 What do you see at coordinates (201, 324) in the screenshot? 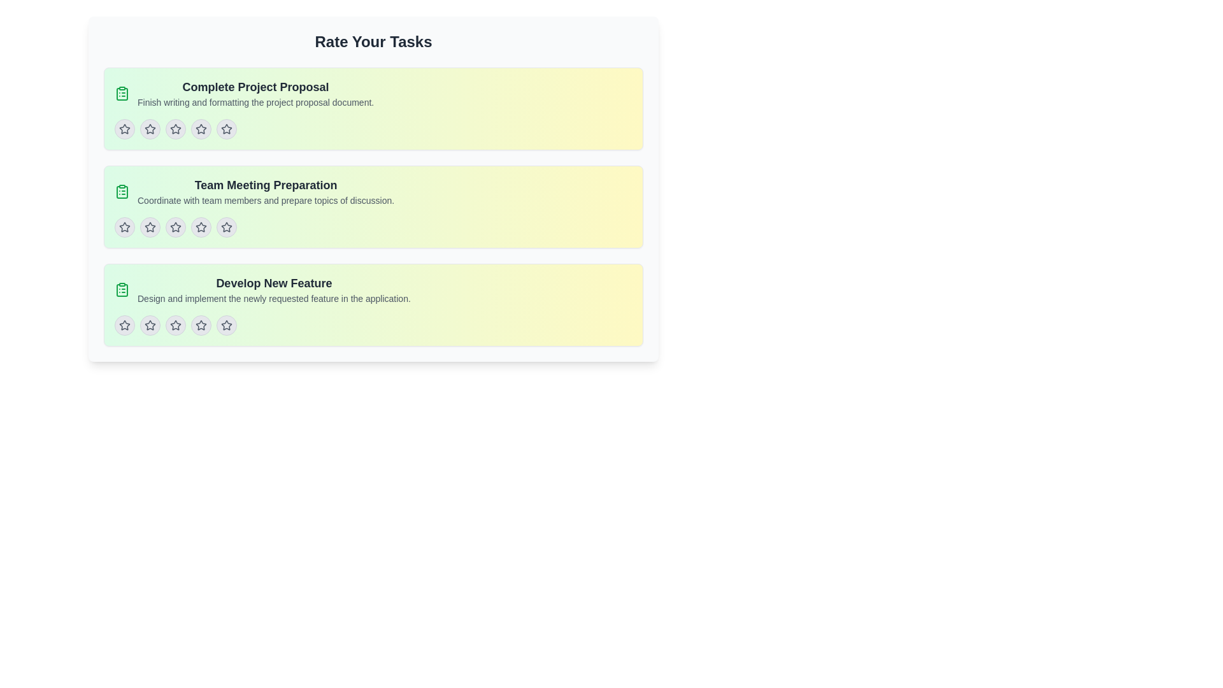
I see `the fourth interactive rating star icon located in the row labeled 'Develop New Feature'` at bounding box center [201, 324].